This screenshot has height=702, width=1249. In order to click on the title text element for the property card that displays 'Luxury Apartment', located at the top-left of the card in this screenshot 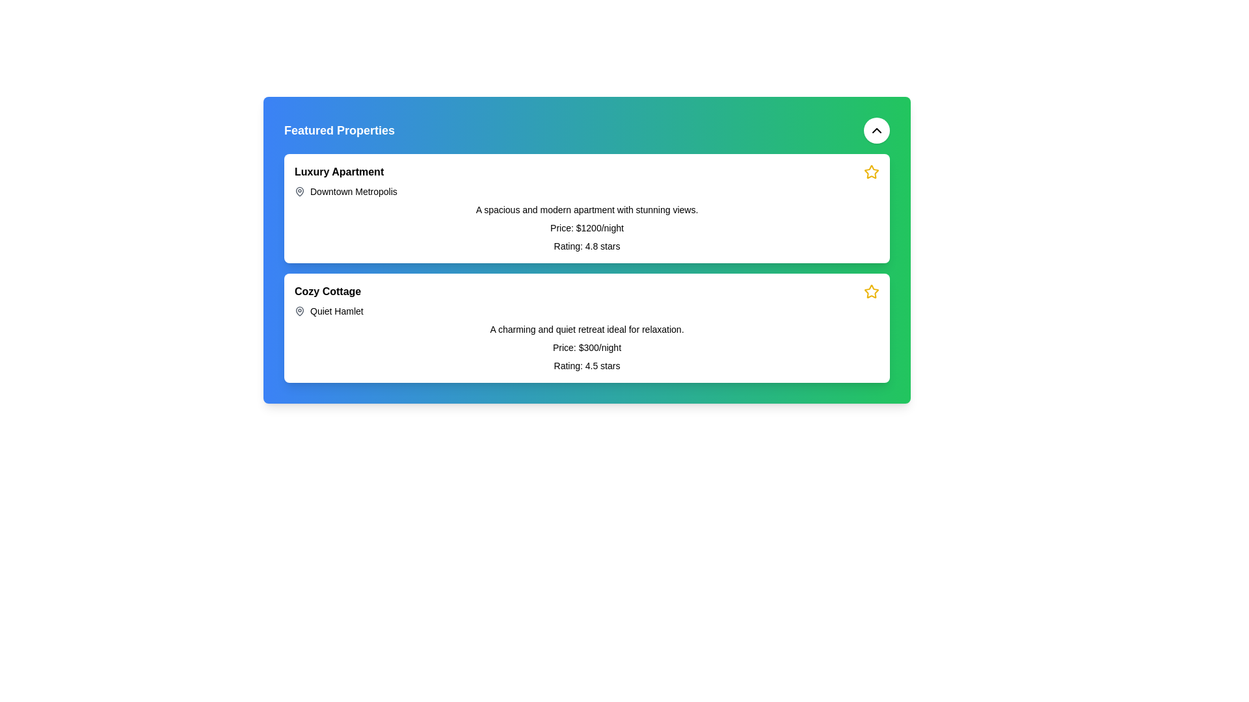, I will do `click(339, 172)`.